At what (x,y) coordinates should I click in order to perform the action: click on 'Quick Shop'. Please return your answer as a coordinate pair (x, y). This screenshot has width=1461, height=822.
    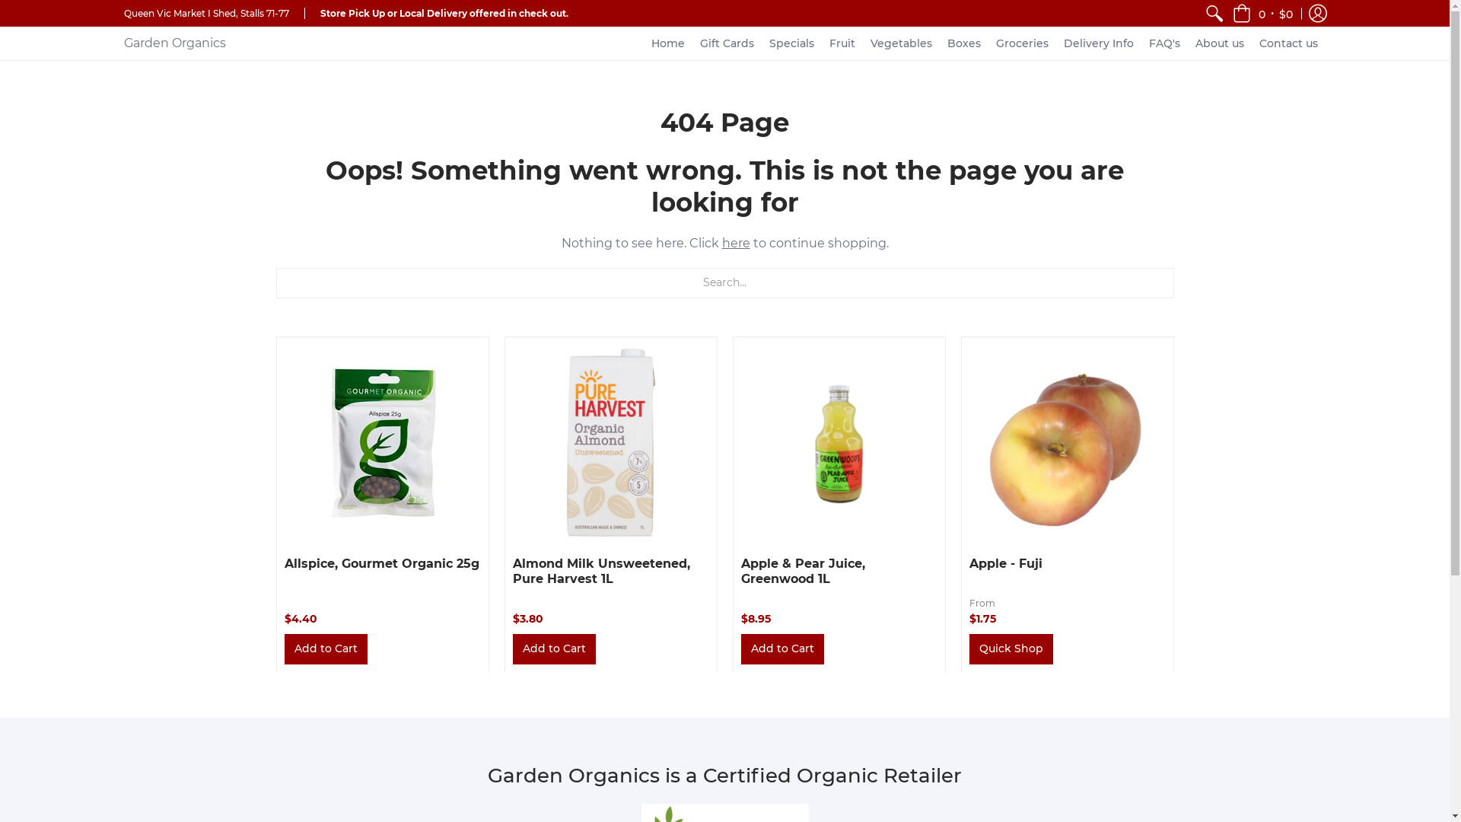
    Looking at the image, I should click on (1011, 648).